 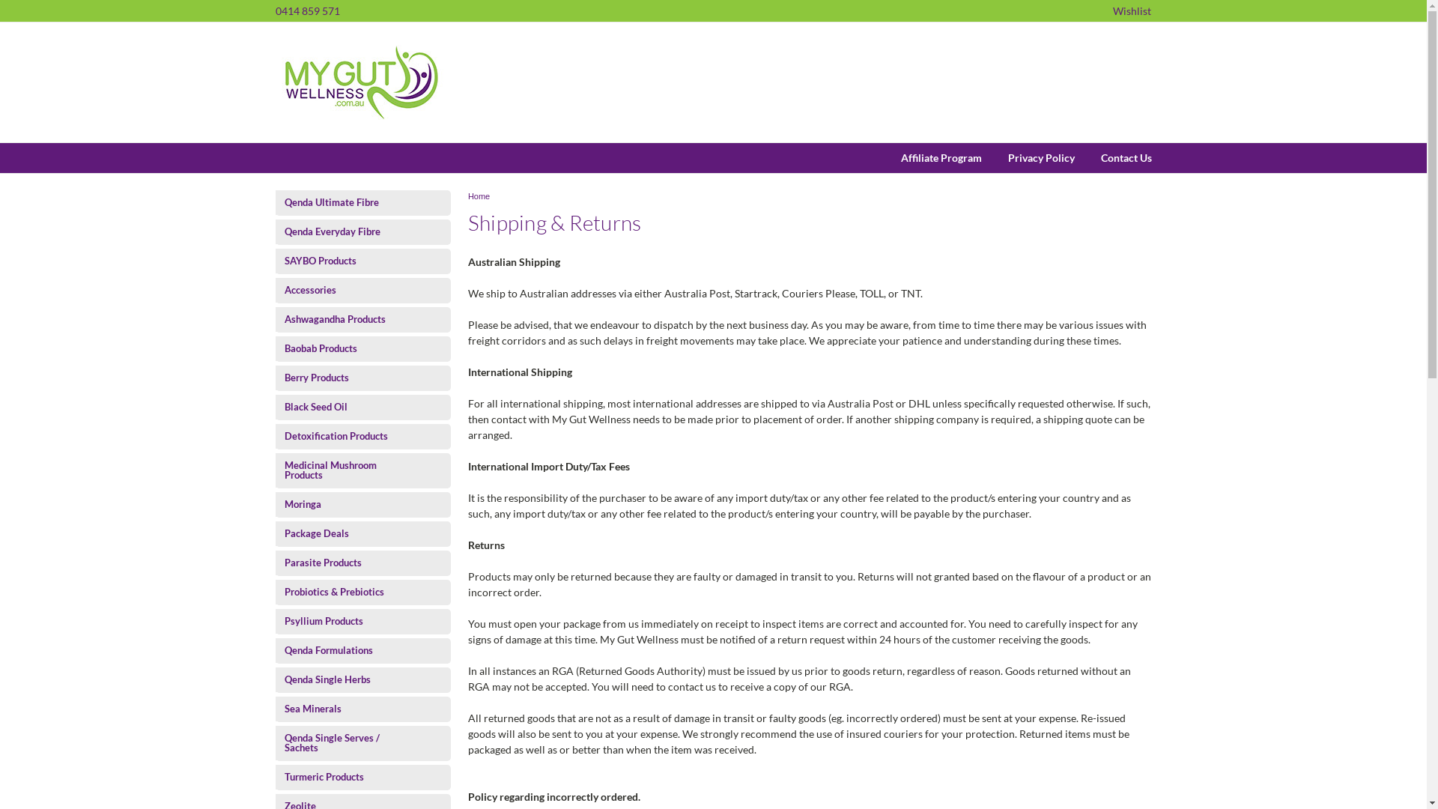 I want to click on 'Probiotics & Prebiotics', so click(x=349, y=591).